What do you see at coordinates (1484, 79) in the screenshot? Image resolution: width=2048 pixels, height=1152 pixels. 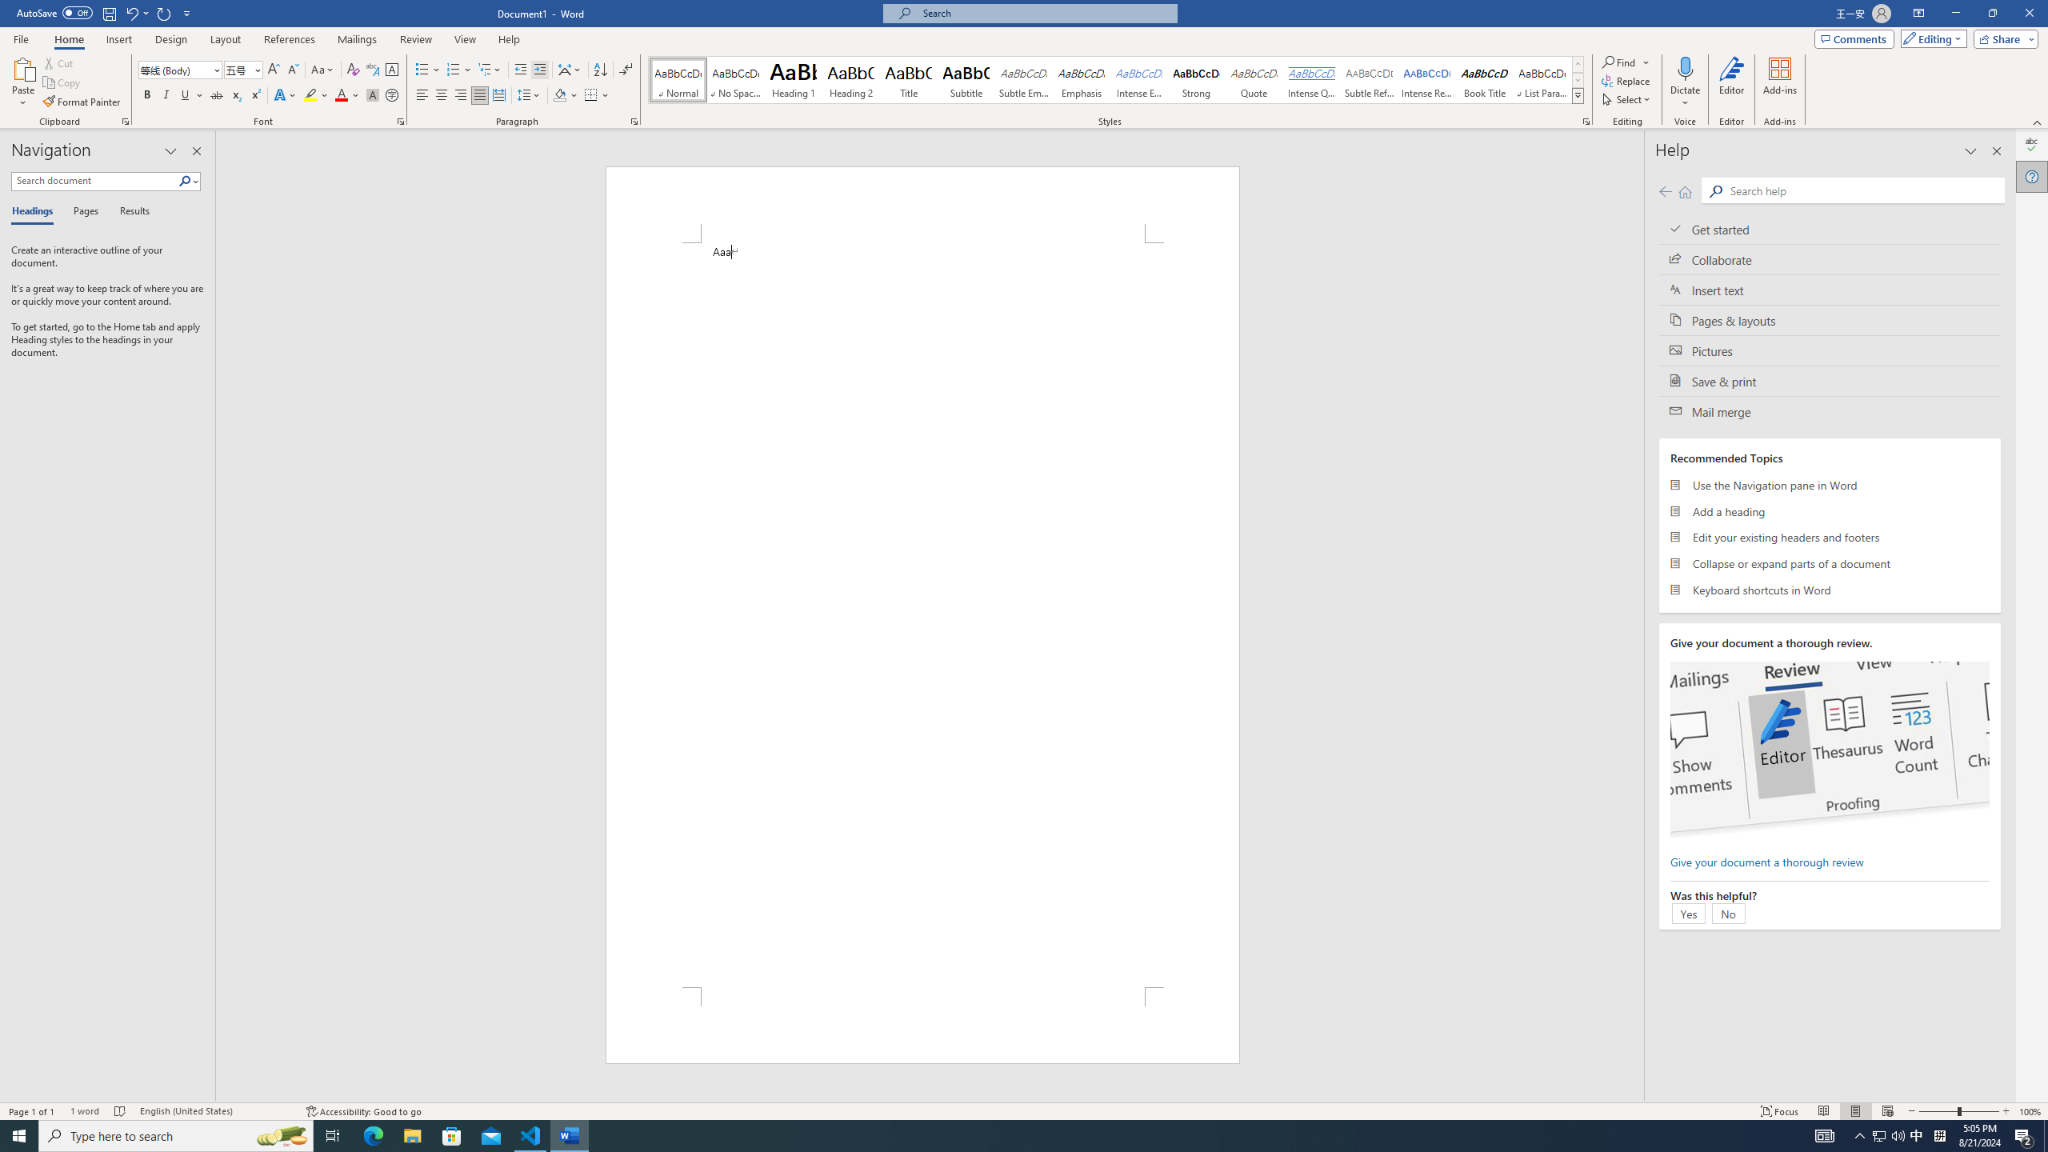 I see `'Book Title'` at bounding box center [1484, 79].